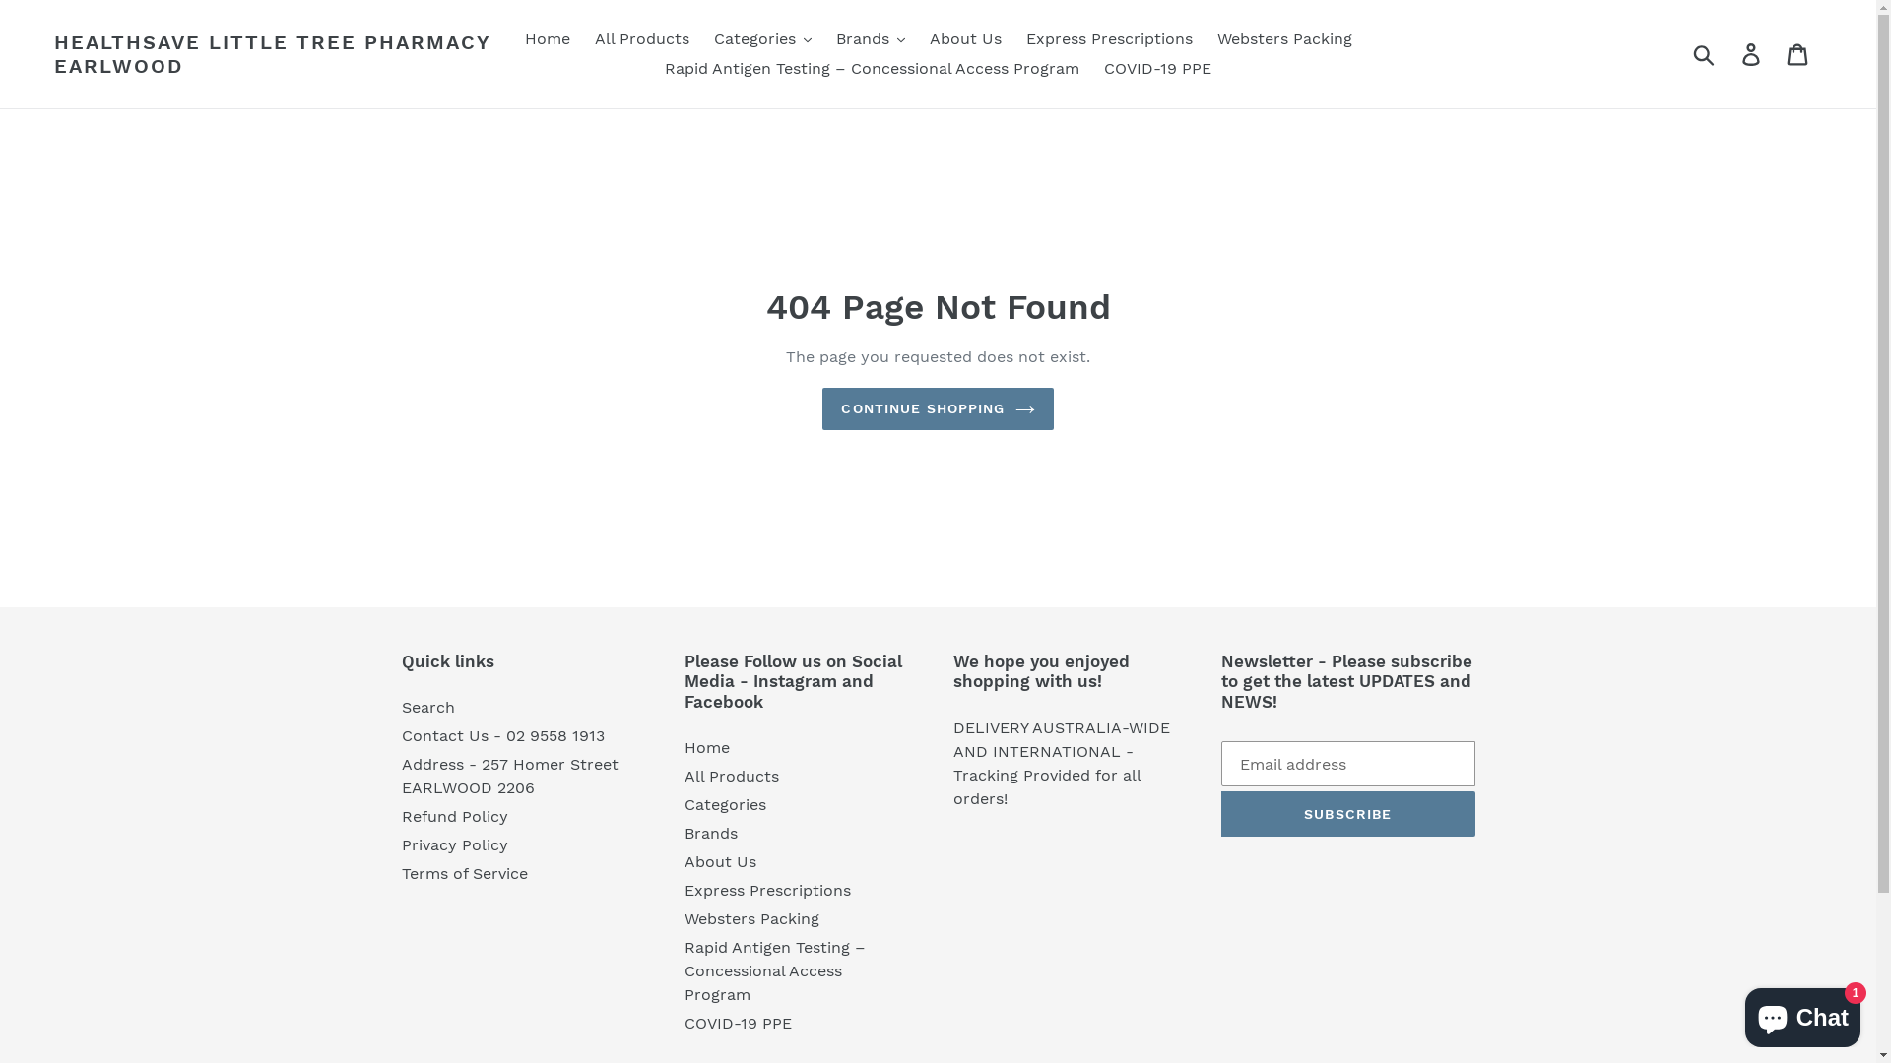 The image size is (1891, 1063). Describe the element at coordinates (965, 38) in the screenshot. I see `'About Us'` at that location.